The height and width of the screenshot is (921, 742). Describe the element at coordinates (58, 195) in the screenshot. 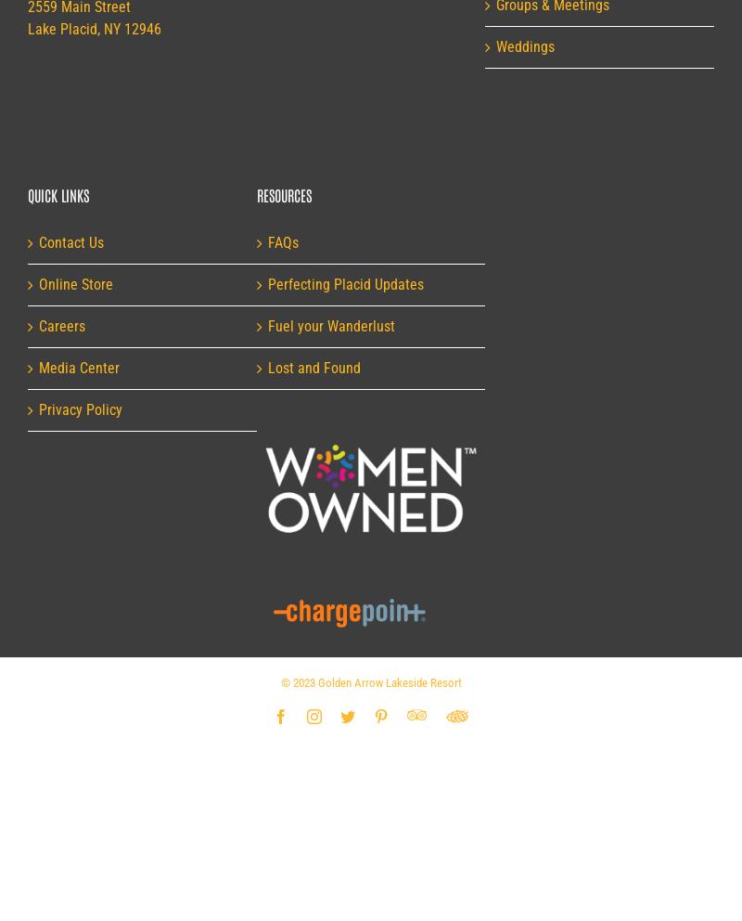

I see `'Quick Links'` at that location.